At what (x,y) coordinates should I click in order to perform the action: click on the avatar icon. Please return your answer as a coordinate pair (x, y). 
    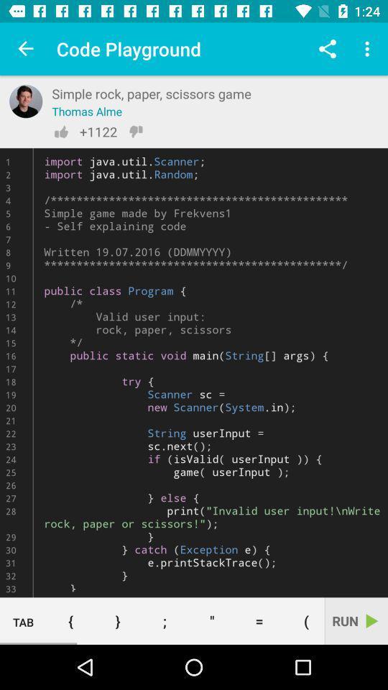
    Looking at the image, I should click on (26, 101).